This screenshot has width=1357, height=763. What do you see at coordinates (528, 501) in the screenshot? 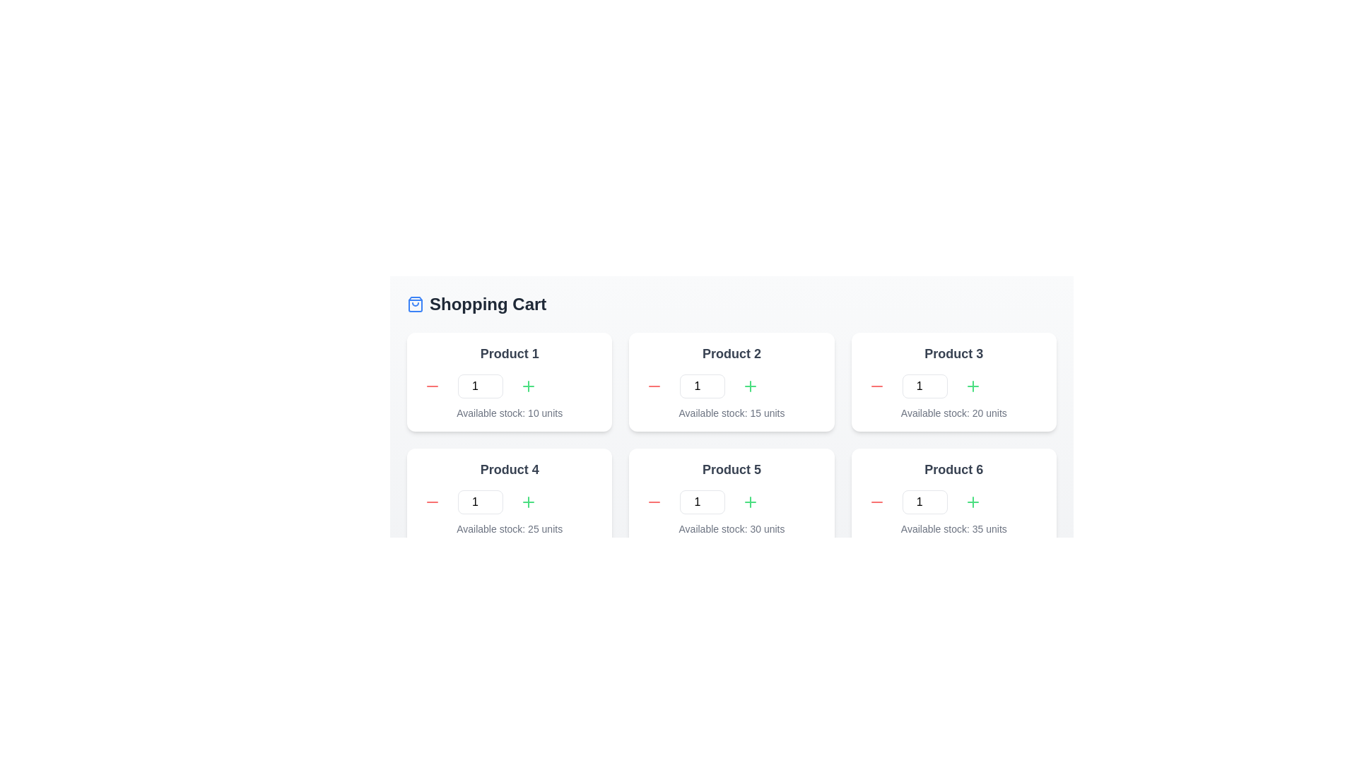
I see `the circular green plus icon button located in the fourth product card, positioned to the immediate right of the quantity input box and below the product title 'Product 4'` at bounding box center [528, 501].